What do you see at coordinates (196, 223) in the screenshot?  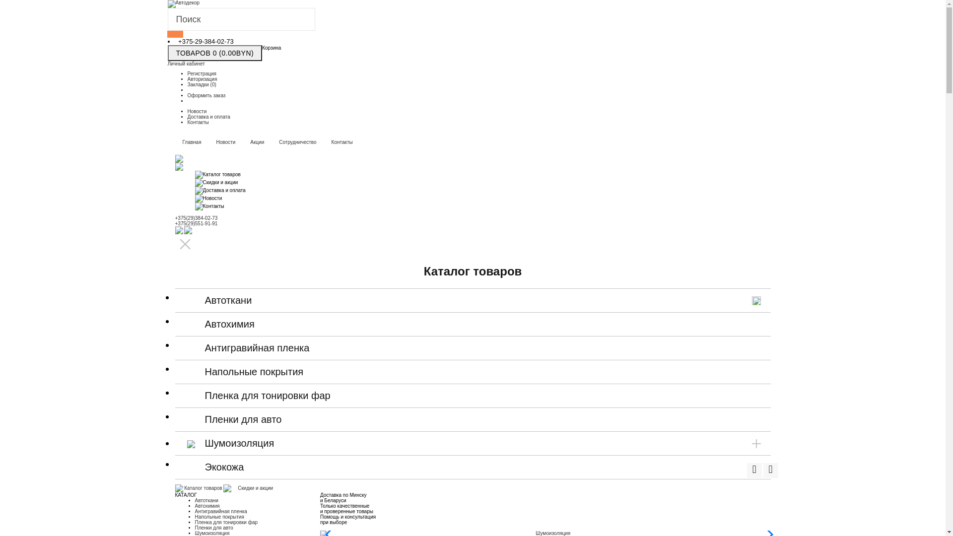 I see `'+375(29)551-91-91'` at bounding box center [196, 223].